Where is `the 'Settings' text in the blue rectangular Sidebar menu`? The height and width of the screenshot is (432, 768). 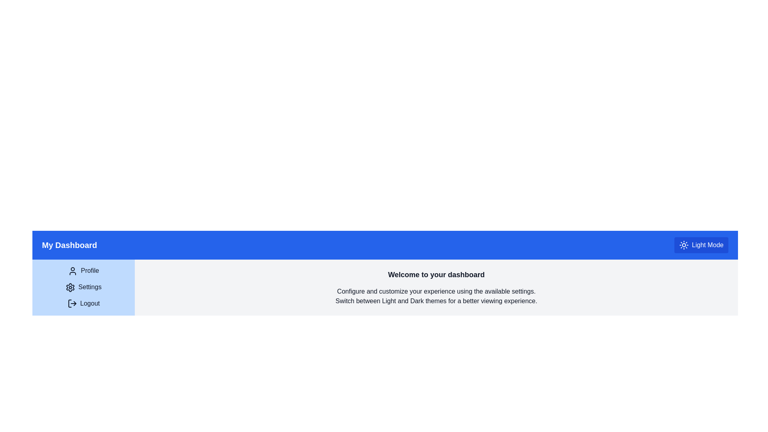 the 'Settings' text in the blue rectangular Sidebar menu is located at coordinates (84, 287).